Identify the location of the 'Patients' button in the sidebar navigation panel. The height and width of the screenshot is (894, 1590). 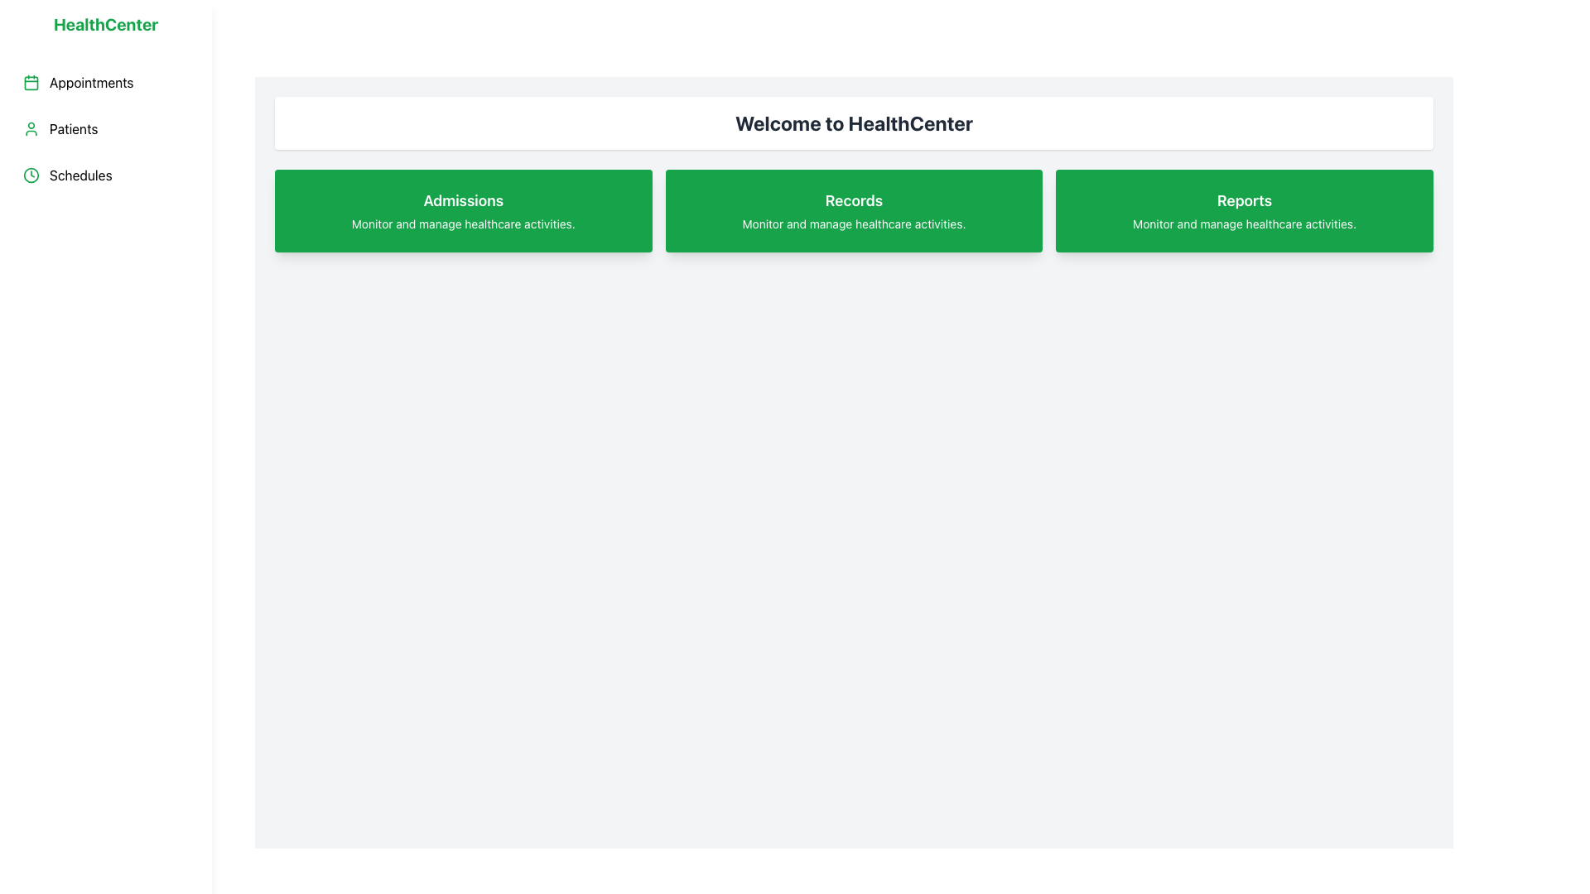
(105, 127).